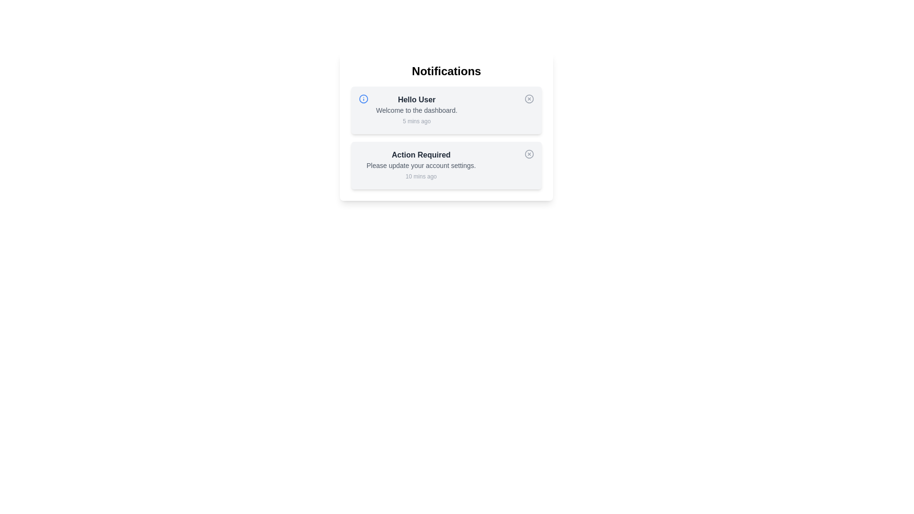  I want to click on the SVG Circle element located at the center of the circular icon within the notification card labeled 'Hello User', so click(363, 99).